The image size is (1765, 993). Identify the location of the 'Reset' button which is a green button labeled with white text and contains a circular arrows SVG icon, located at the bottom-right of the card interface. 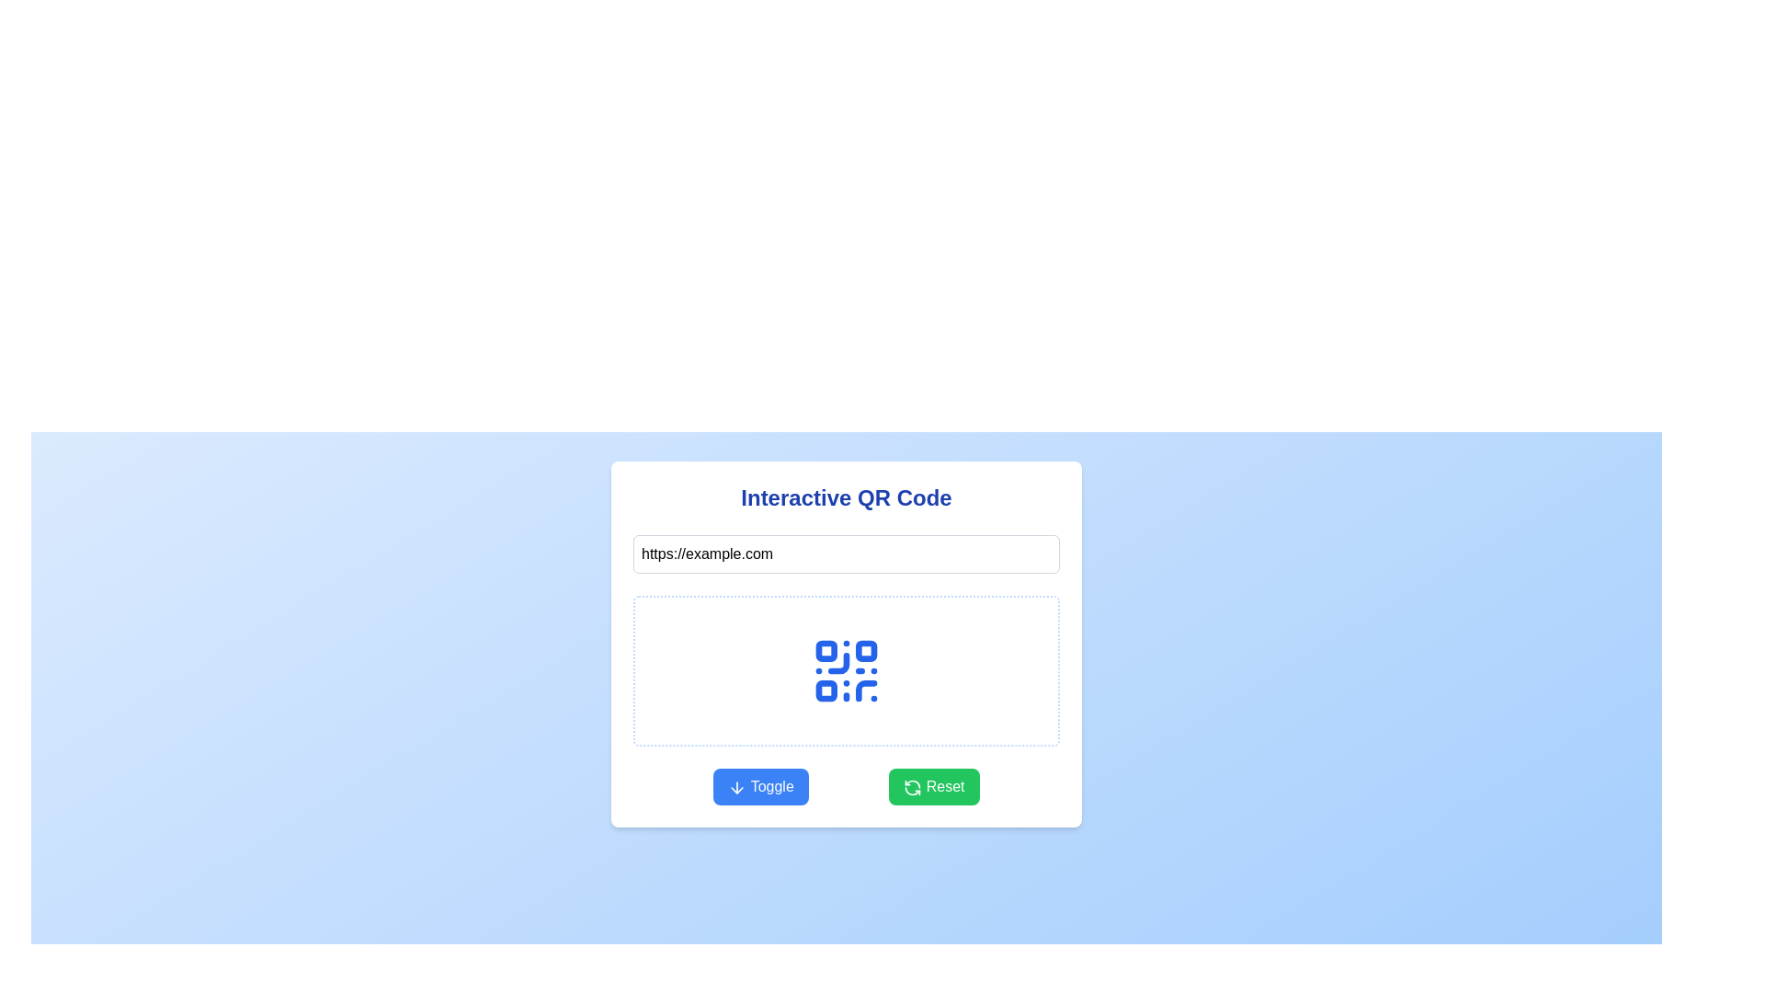
(913, 786).